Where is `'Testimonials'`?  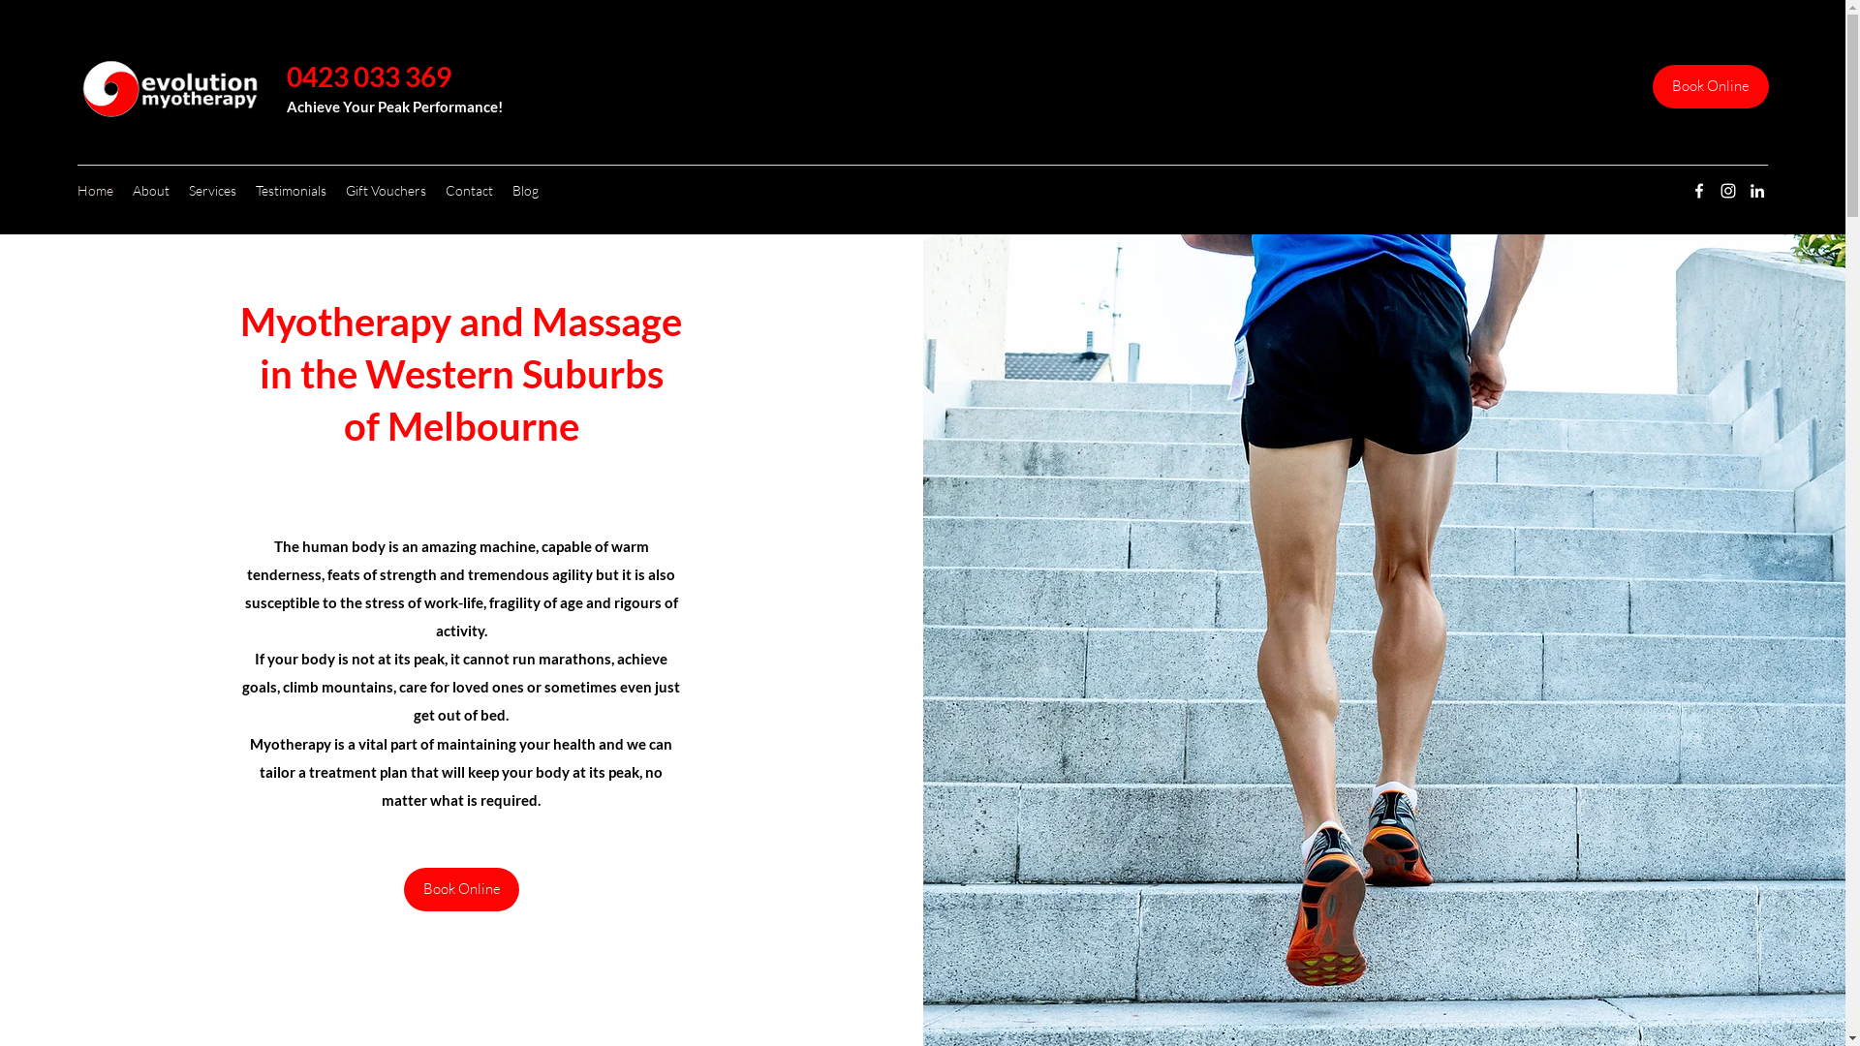
'Testimonials' is located at coordinates (245, 190).